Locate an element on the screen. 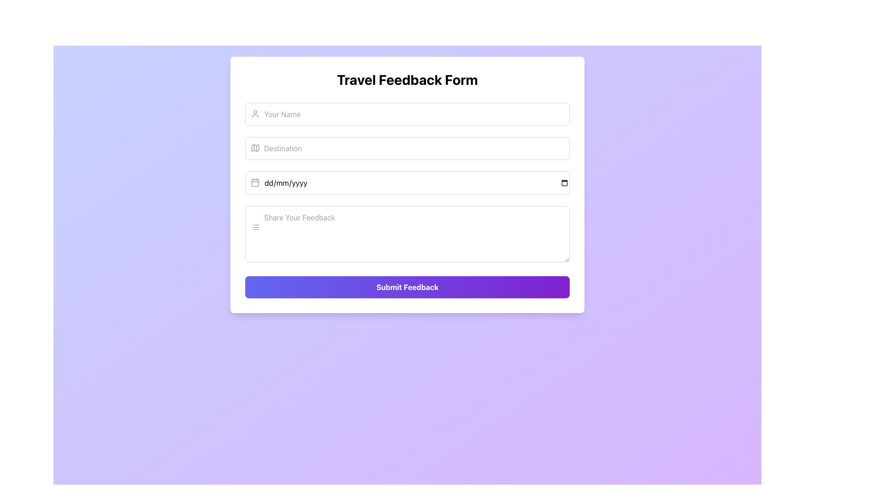 This screenshot has height=498, width=885. the bold text header reading 'Travel Feedback Form', which is centrally aligned at the top of the form interface and styled with a gradient color scheme from indigo to purple is located at coordinates (407, 79).